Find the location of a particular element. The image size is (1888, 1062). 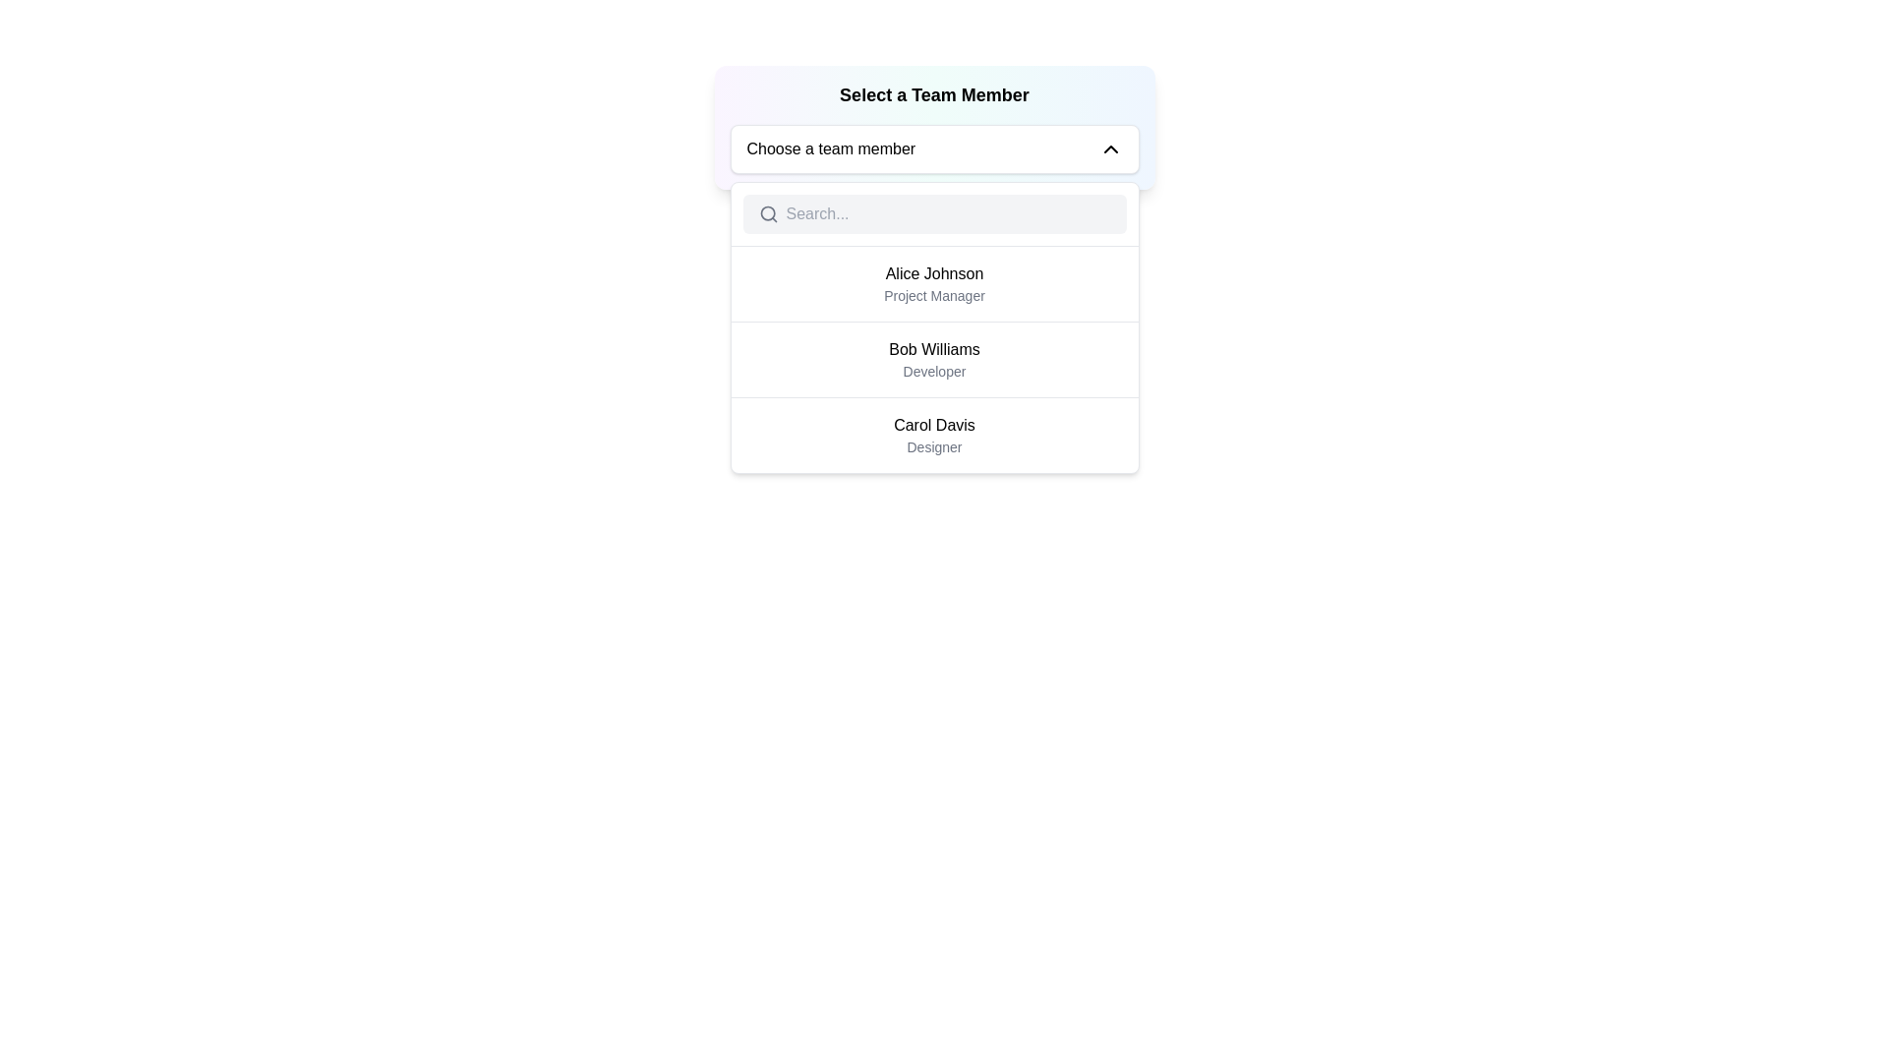

the text element displaying 'Alice Johnson', which is positioned in a dropdown menu above 'Project Manager' and below the search bar is located at coordinates (933, 273).